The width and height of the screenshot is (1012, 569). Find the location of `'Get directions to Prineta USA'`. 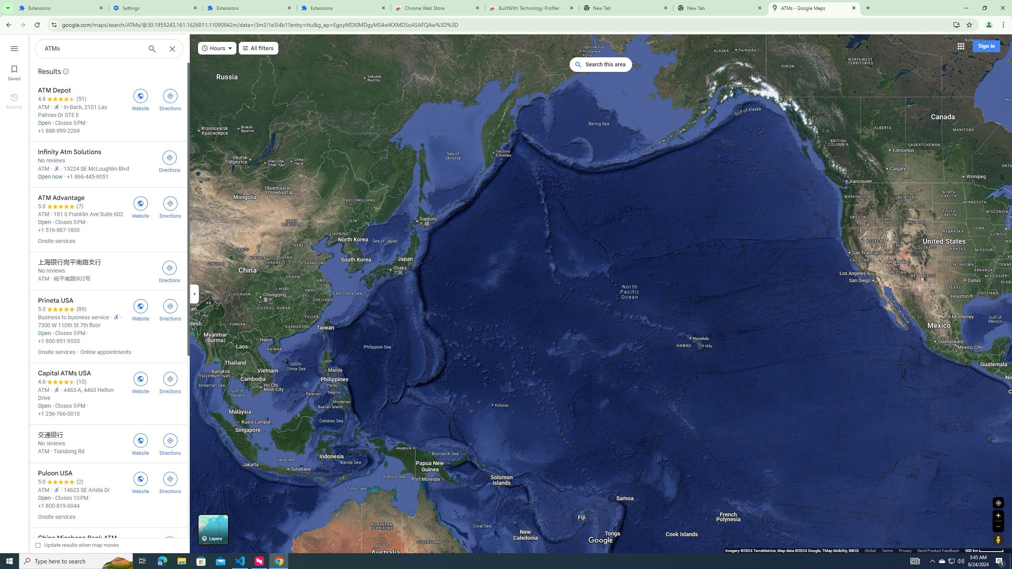

'Get directions to Prineta USA' is located at coordinates (170, 309).